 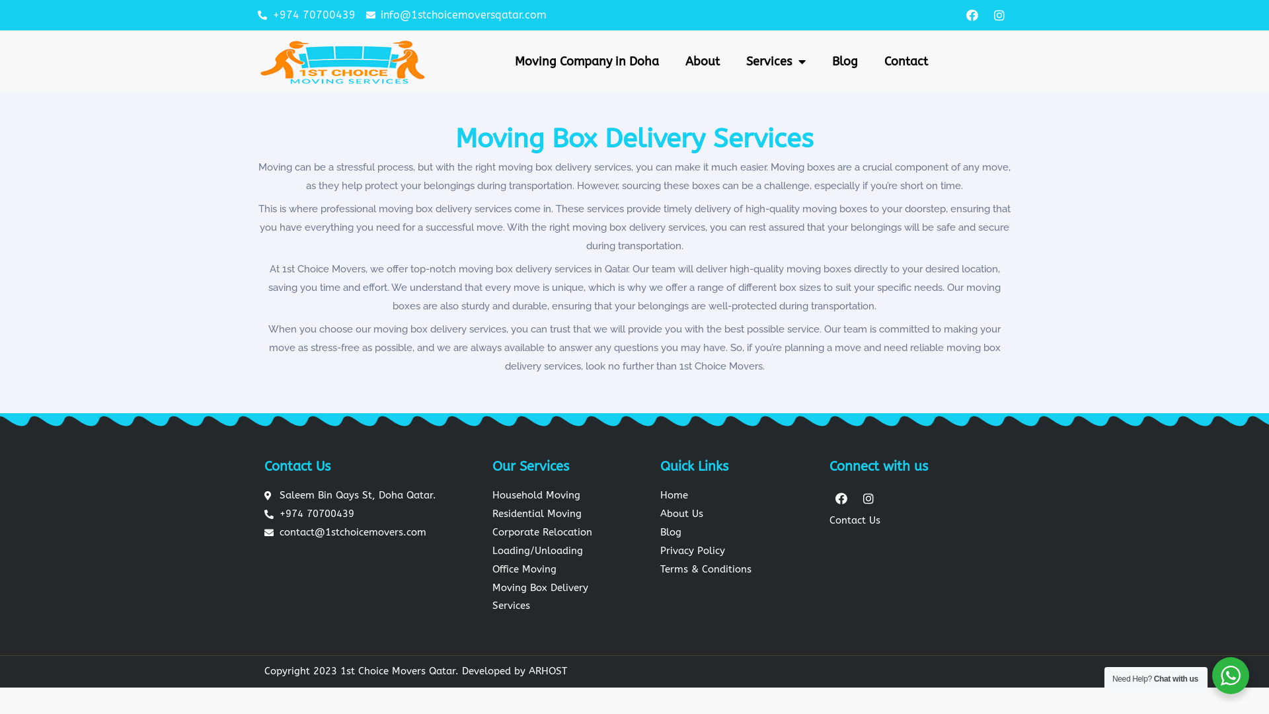 I want to click on 'Loading/Unloading', so click(x=560, y=551).